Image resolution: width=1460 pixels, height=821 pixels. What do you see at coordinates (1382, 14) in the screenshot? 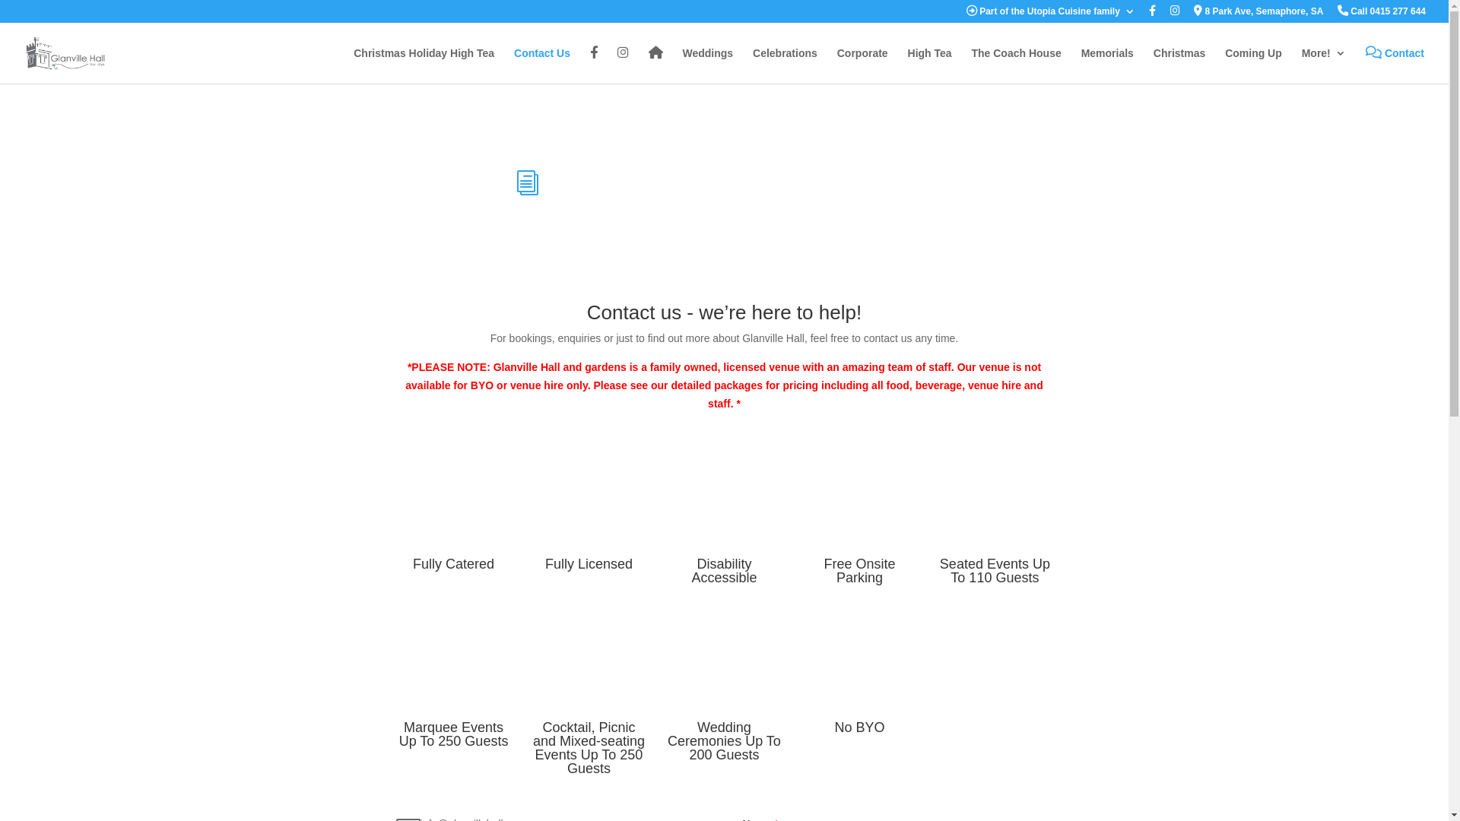
I see `'Call 0415 277 644'` at bounding box center [1382, 14].